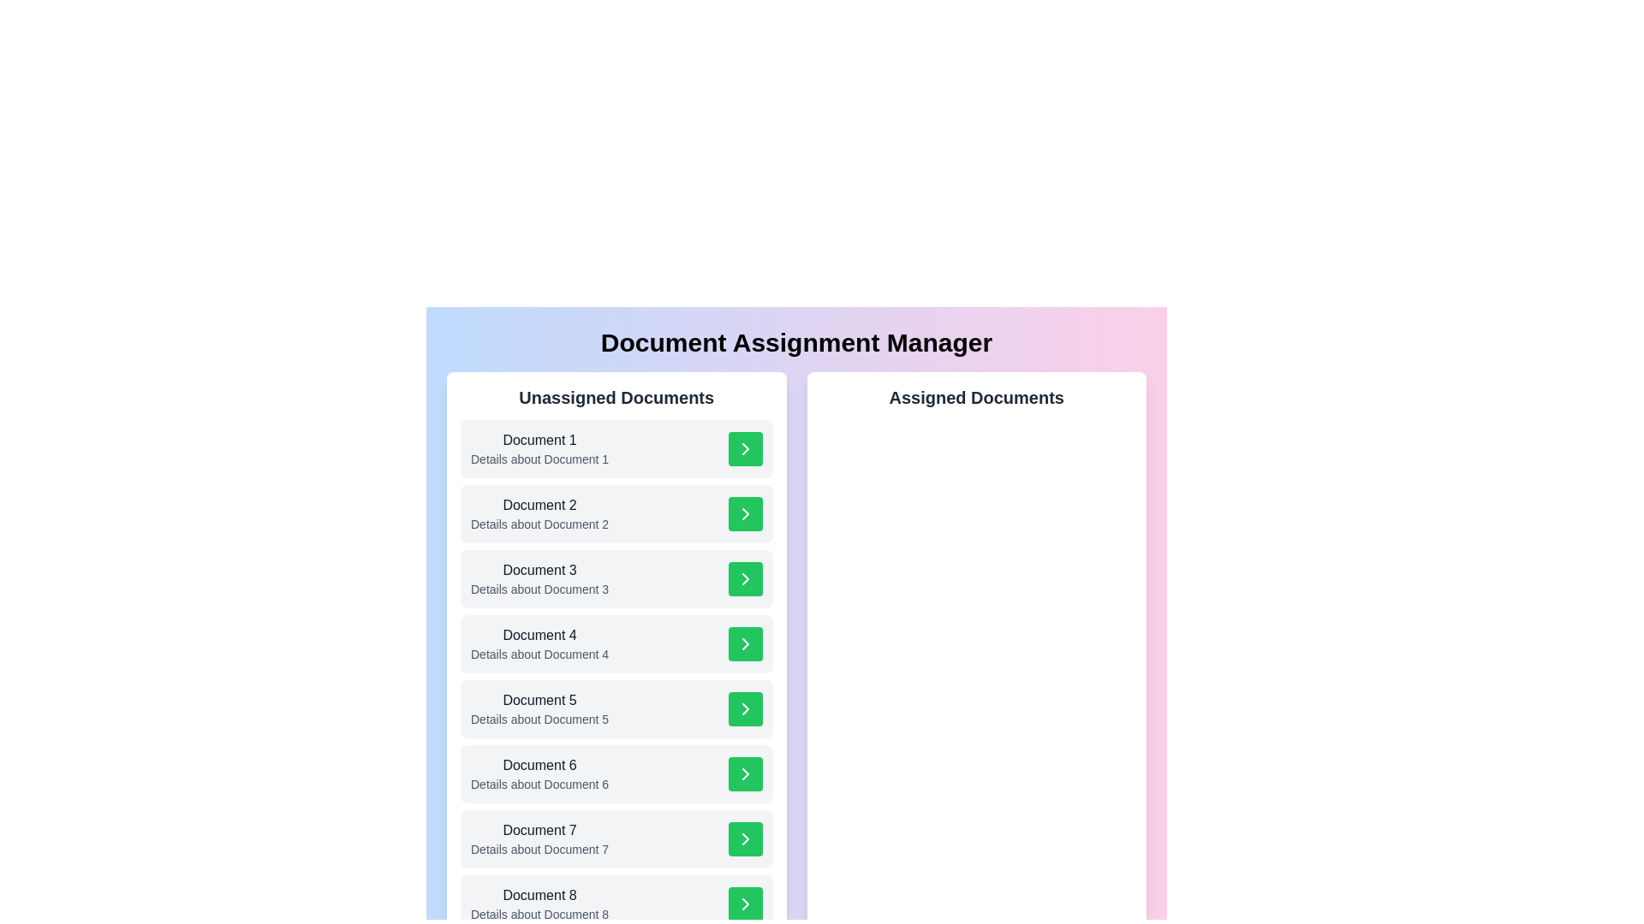 Image resolution: width=1644 pixels, height=924 pixels. What do you see at coordinates (616, 838) in the screenshot?
I see `the green button for 'Document 7' in the Unassigned Documents section` at bounding box center [616, 838].